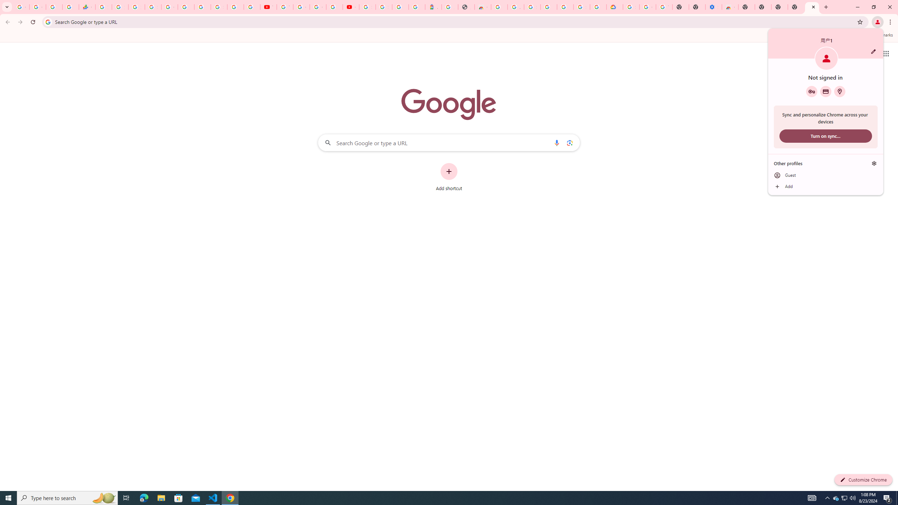 The image size is (898, 505). What do you see at coordinates (897, 497) in the screenshot?
I see `'Show desktop'` at bounding box center [897, 497].